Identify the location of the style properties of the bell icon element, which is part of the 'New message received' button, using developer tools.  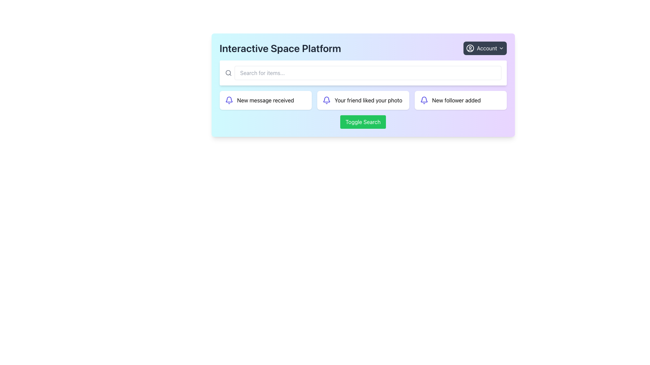
(326, 99).